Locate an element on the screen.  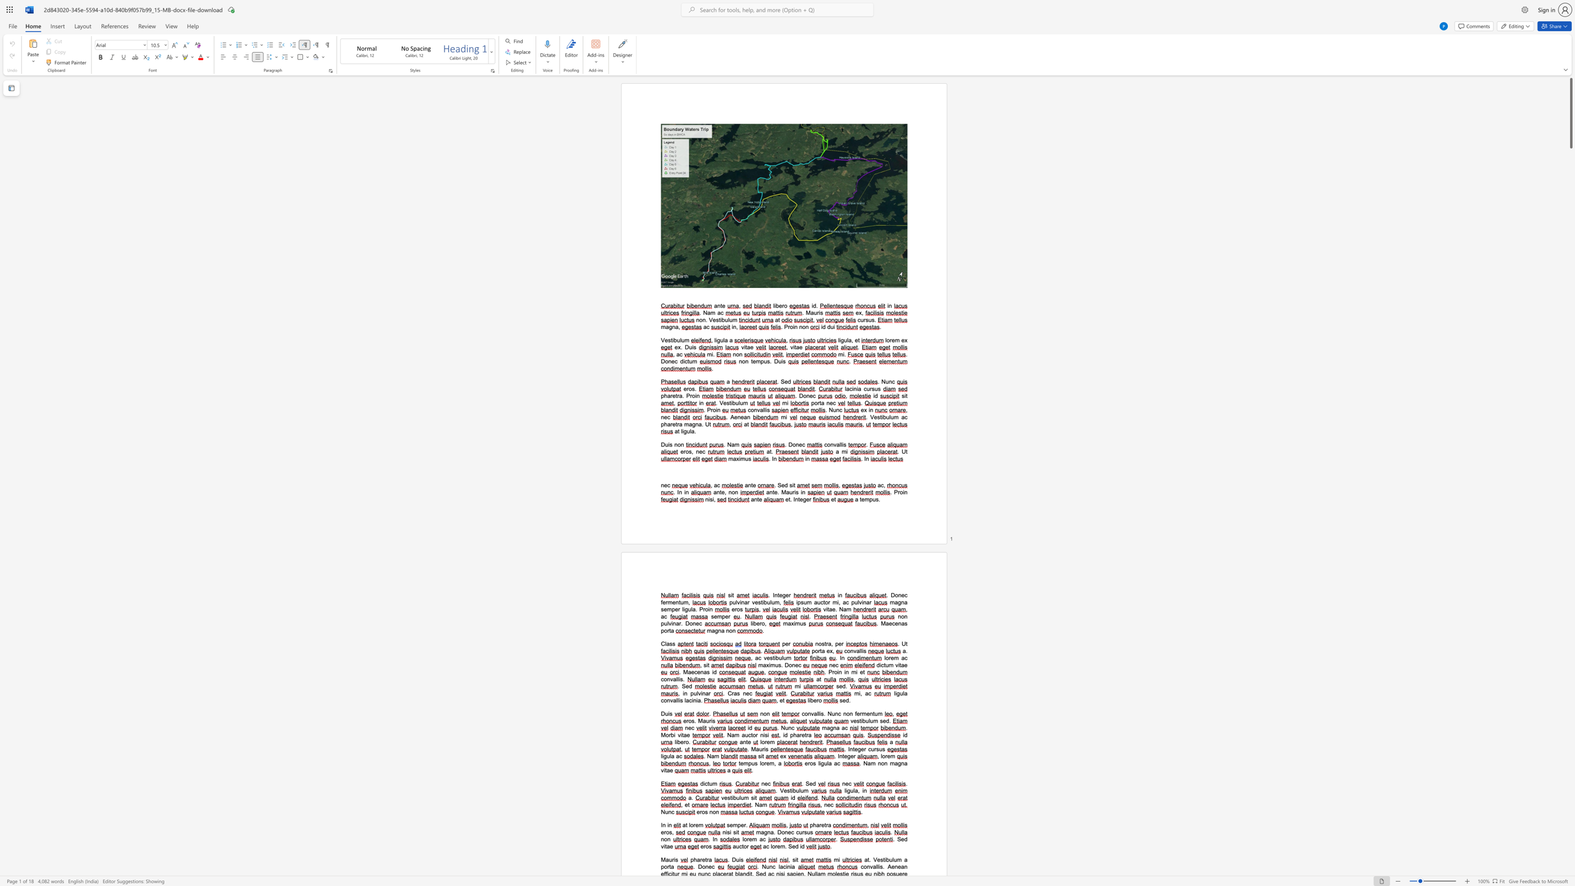
the space between the continuous character "u" and "l" in the text is located at coordinates (852, 791).